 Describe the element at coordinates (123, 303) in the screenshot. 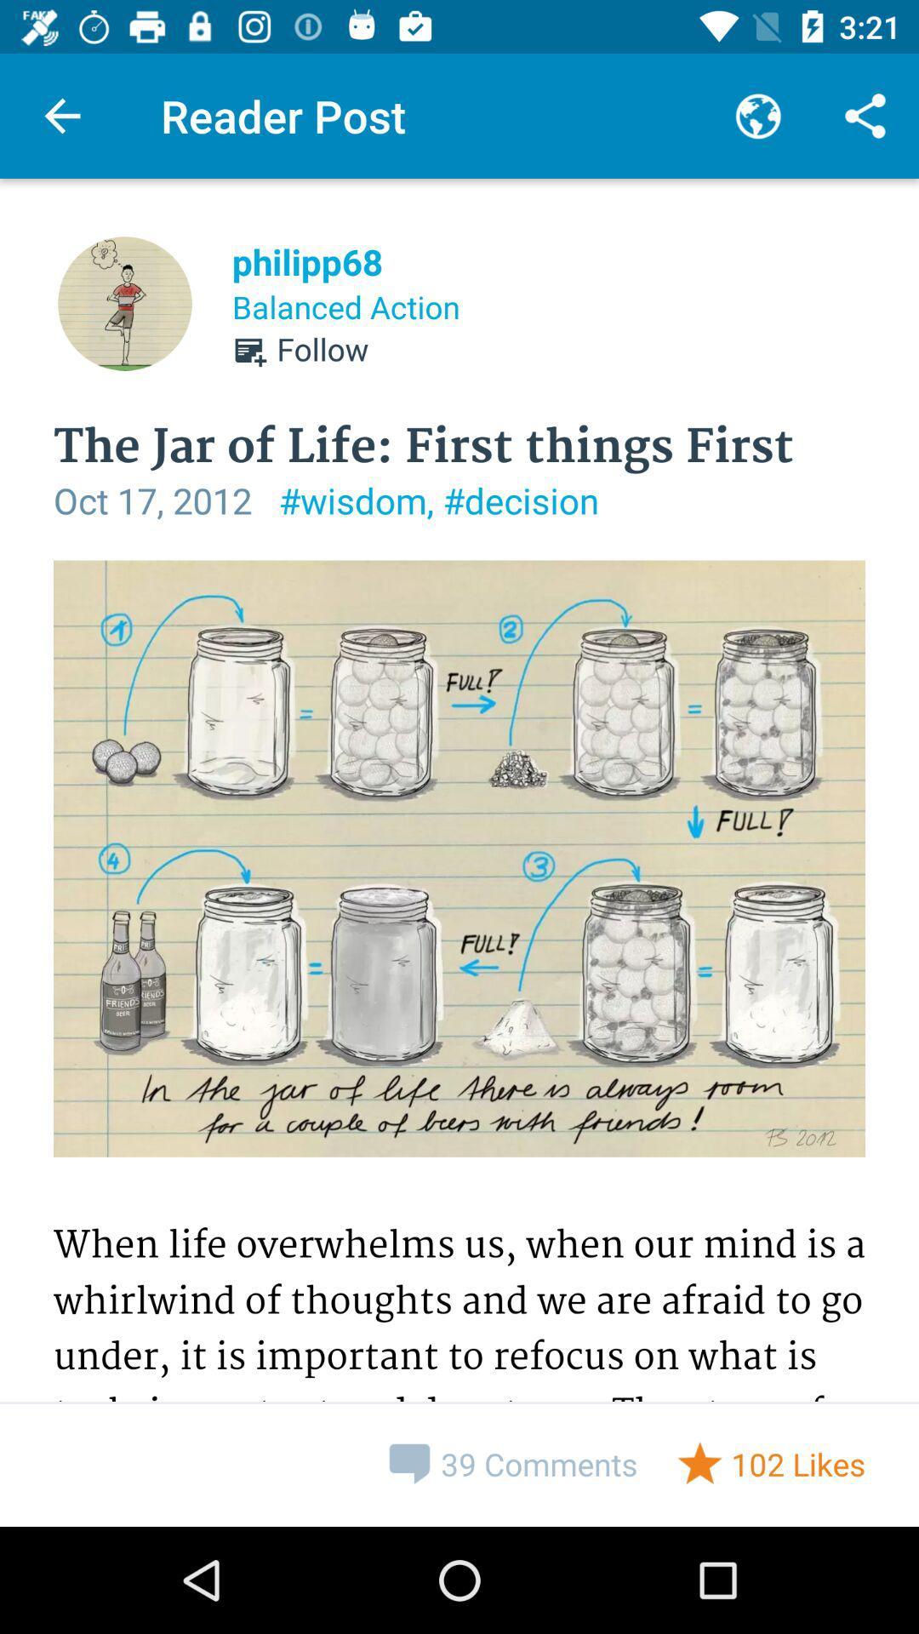

I see `the avatar icon` at that location.